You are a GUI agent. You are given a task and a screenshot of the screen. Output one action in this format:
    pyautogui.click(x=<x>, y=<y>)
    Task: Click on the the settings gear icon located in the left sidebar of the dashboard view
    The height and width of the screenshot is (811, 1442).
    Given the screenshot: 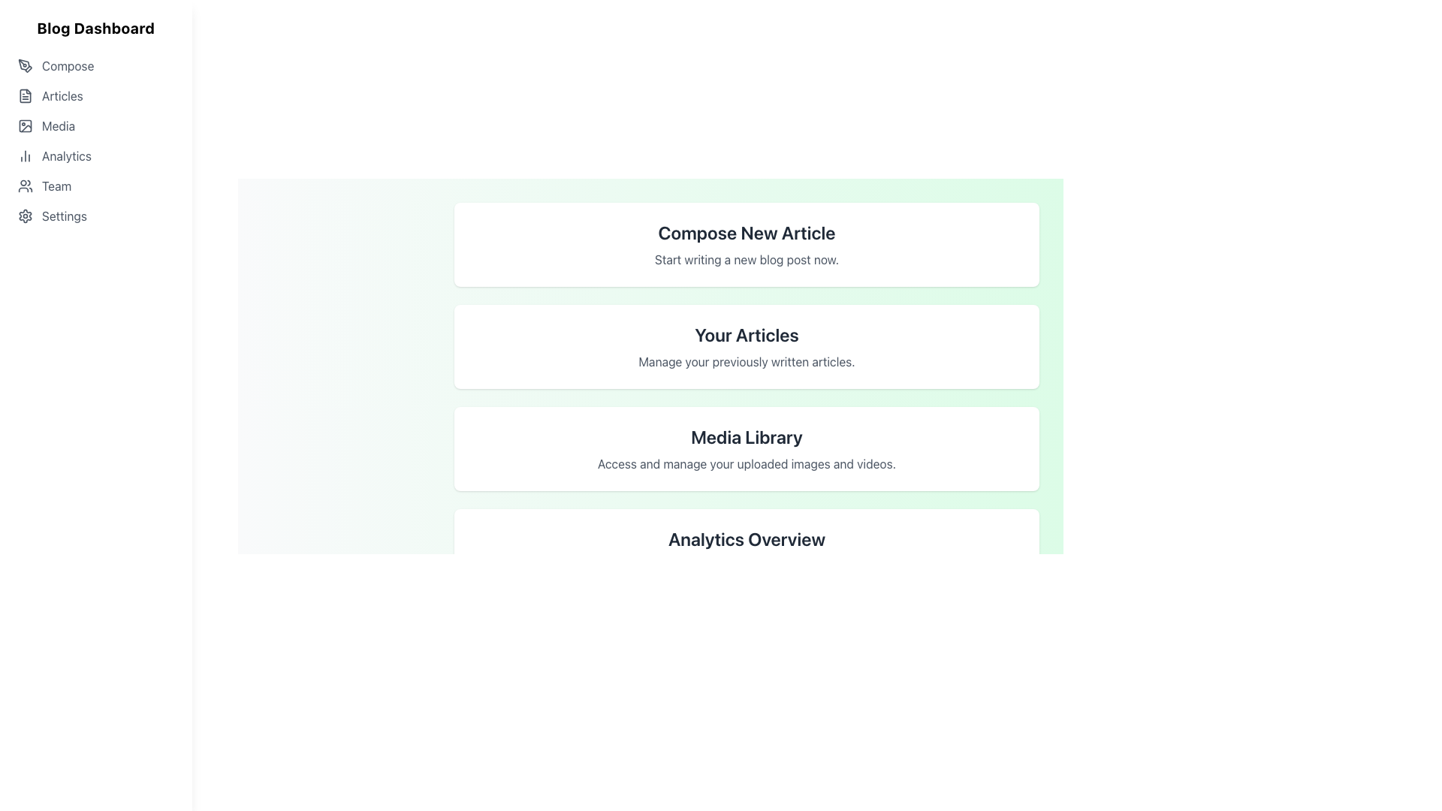 What is the action you would take?
    pyautogui.click(x=25, y=216)
    